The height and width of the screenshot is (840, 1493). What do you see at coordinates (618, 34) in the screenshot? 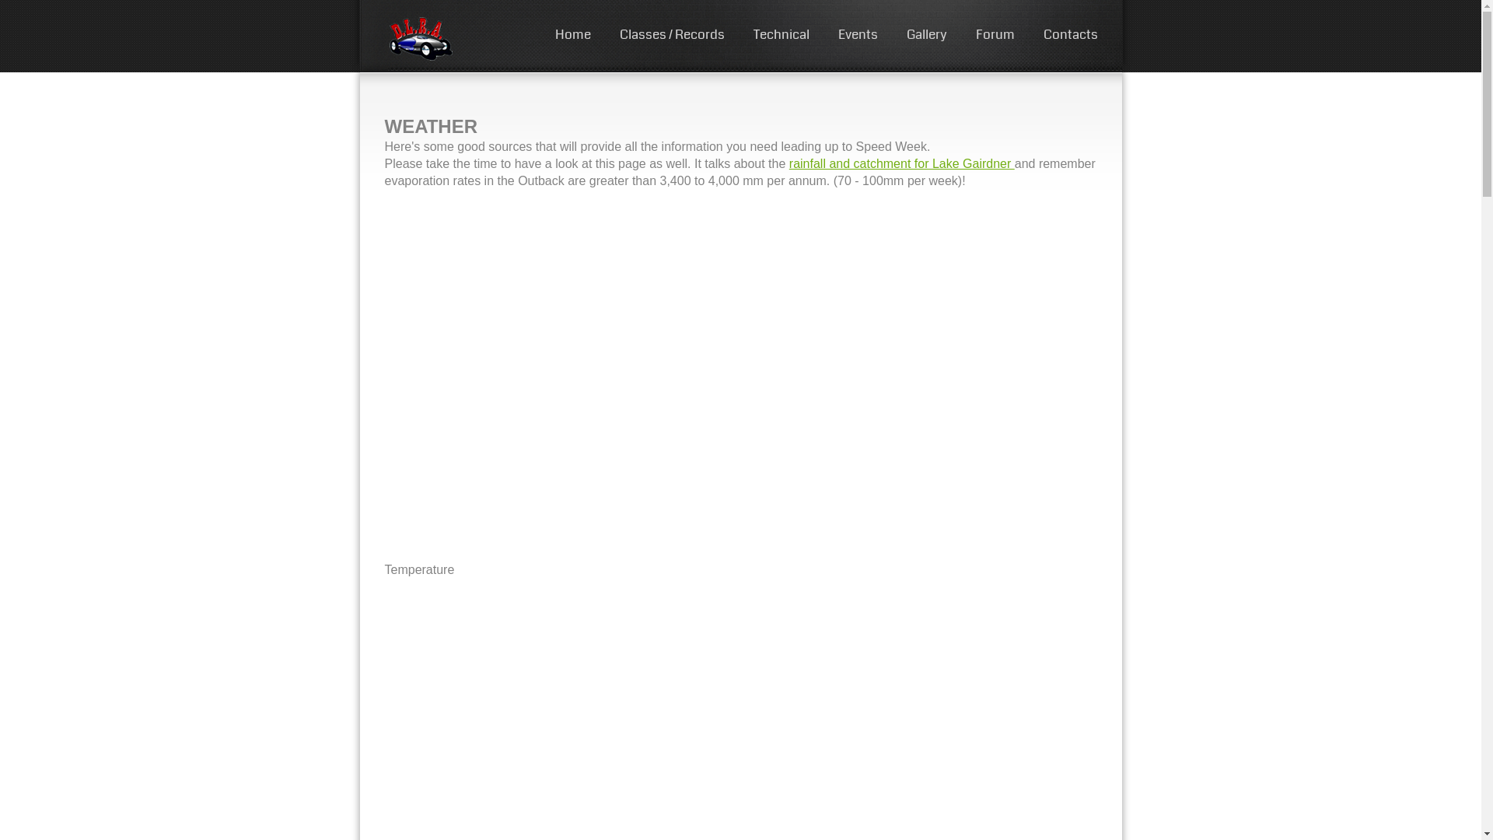
I see `'Classes / Records'` at bounding box center [618, 34].